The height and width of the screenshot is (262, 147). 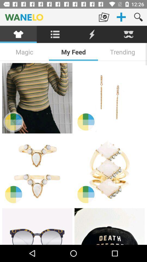 What do you see at coordinates (109, 226) in the screenshot?
I see `photo` at bounding box center [109, 226].